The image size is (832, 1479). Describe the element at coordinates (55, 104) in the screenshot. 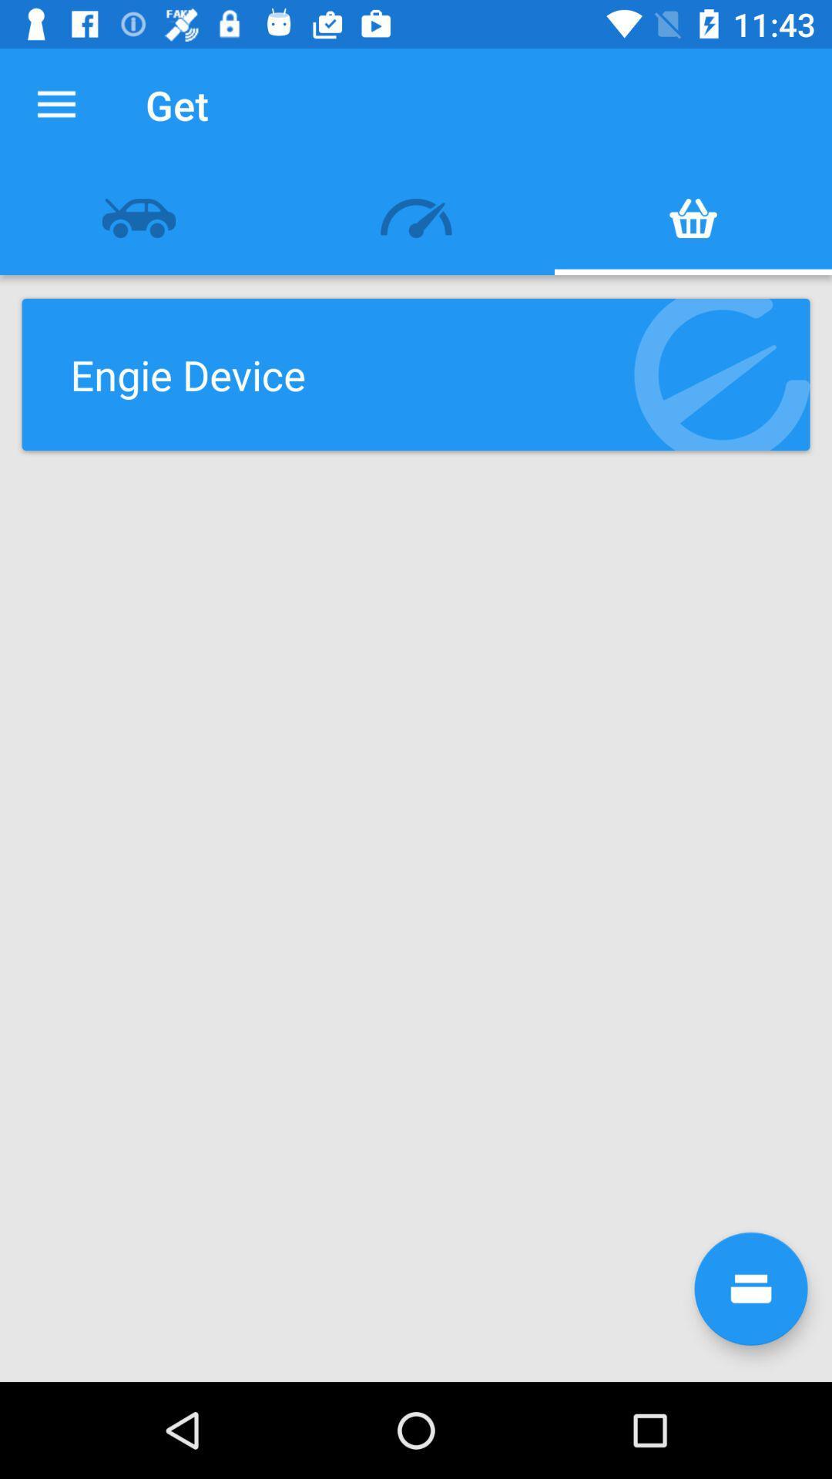

I see `the icon next to the get icon` at that location.